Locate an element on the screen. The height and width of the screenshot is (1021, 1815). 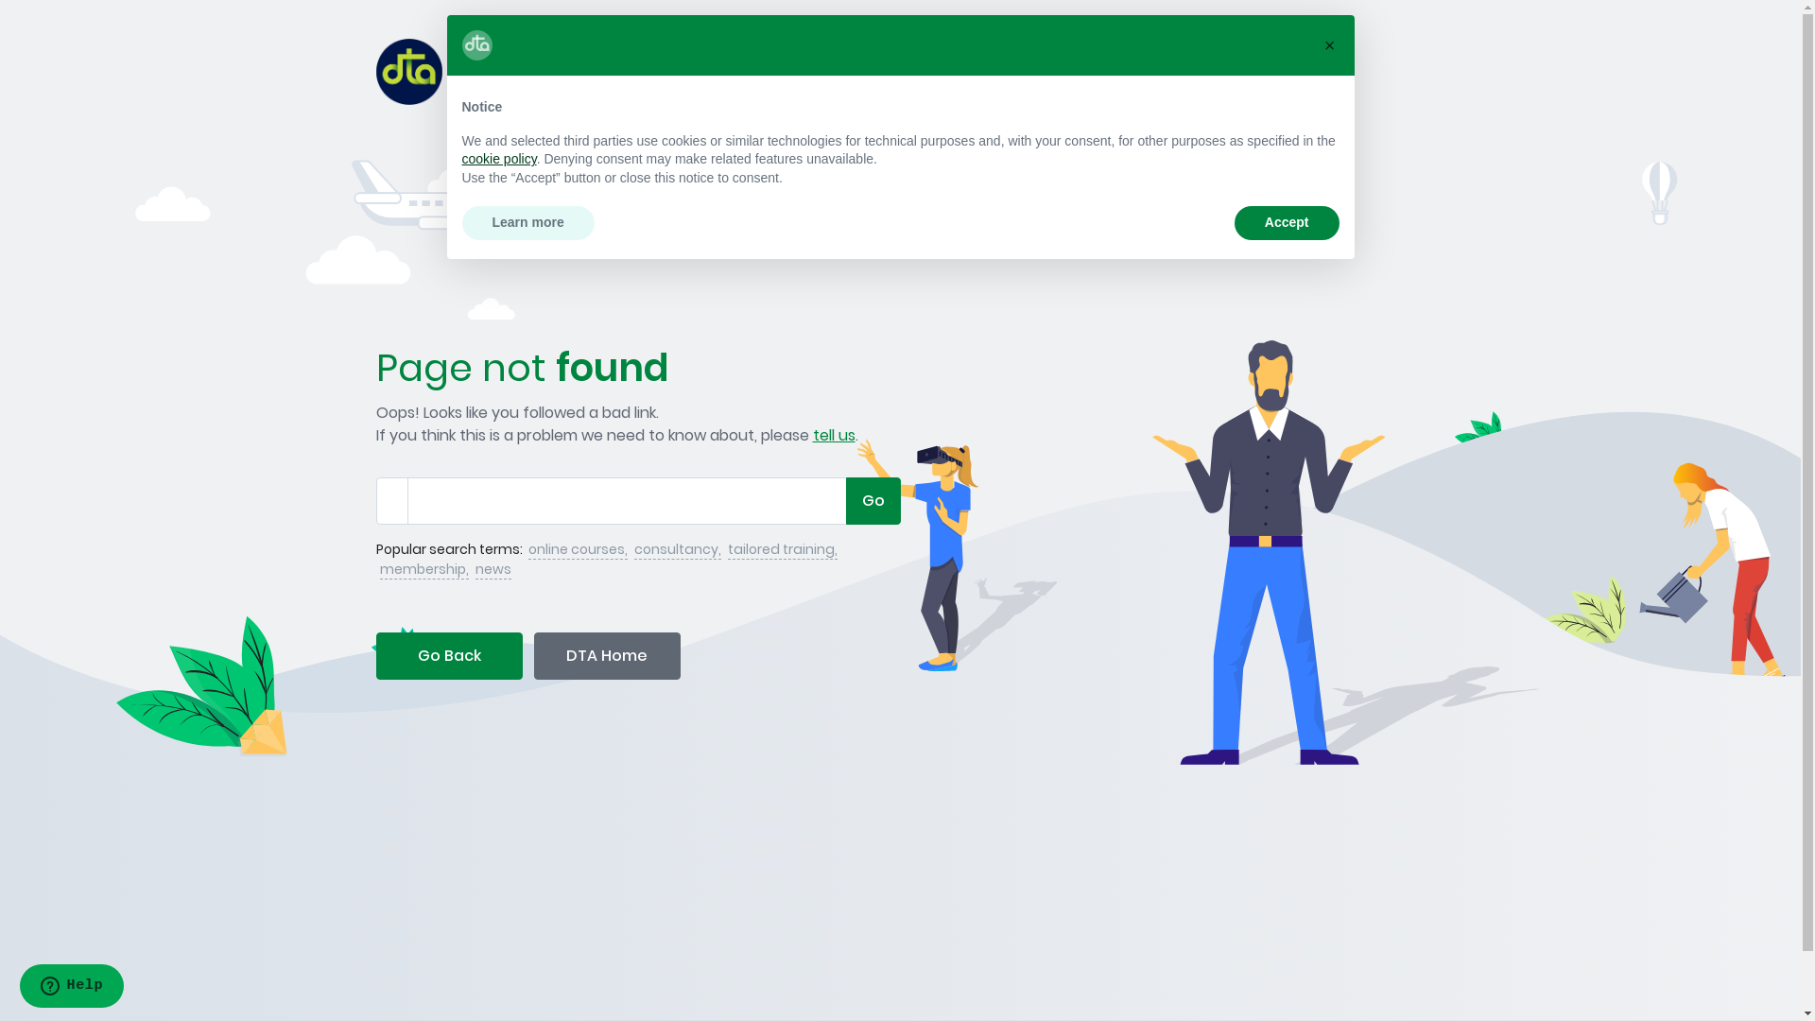
'Go' is located at coordinates (843, 499).